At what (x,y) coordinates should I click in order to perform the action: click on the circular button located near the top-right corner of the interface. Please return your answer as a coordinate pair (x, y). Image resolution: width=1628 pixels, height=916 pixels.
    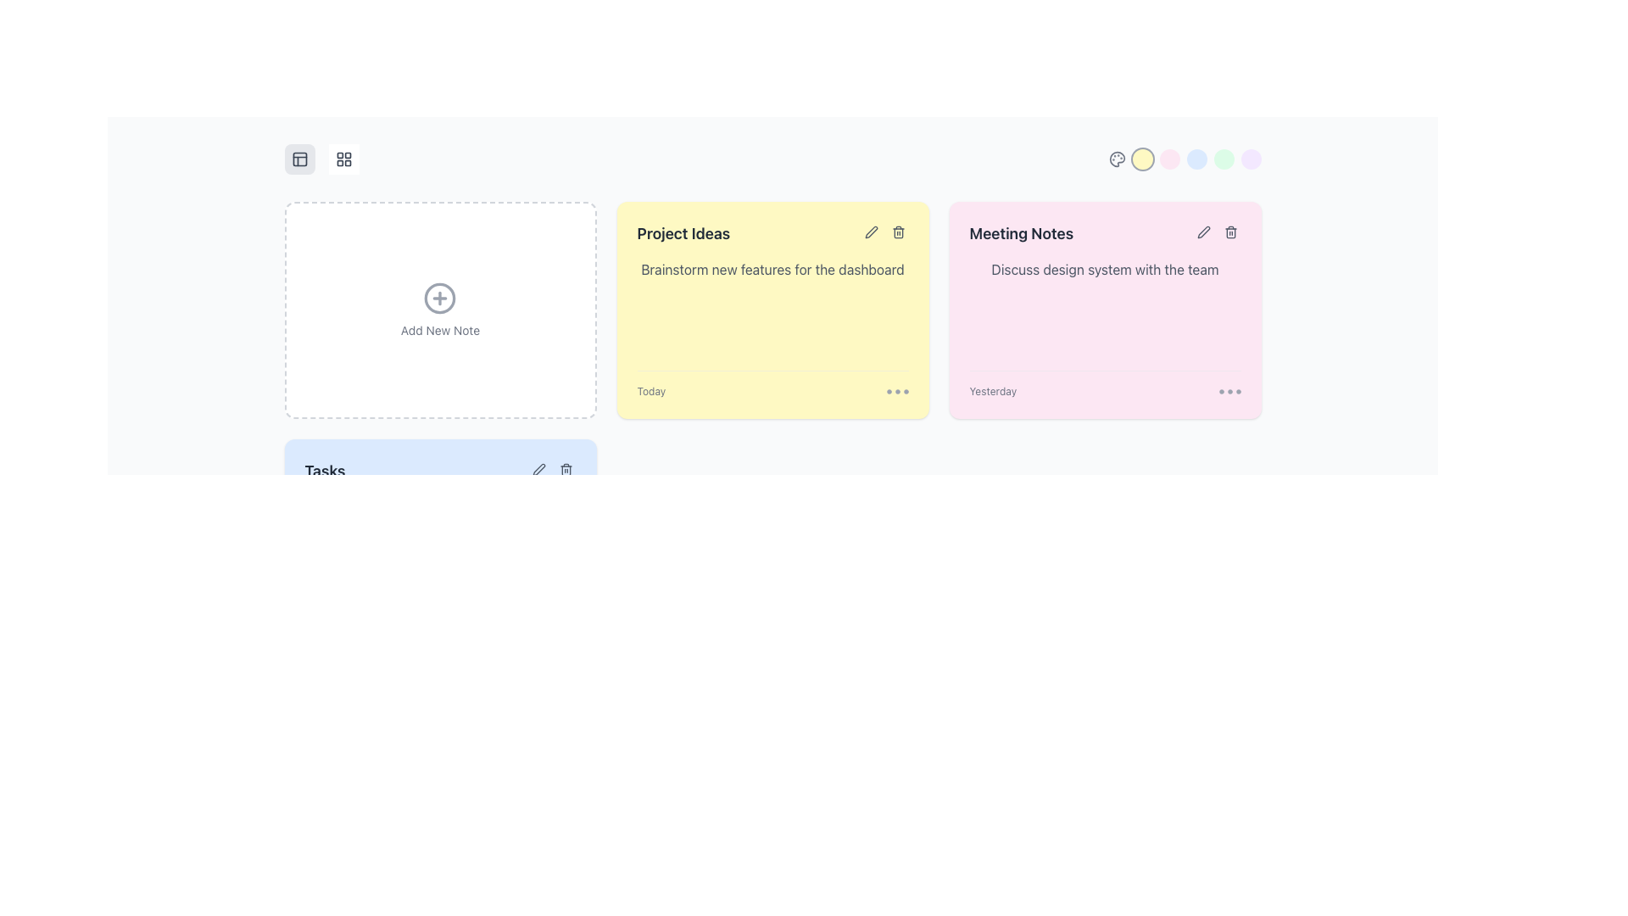
    Looking at the image, I should click on (1142, 159).